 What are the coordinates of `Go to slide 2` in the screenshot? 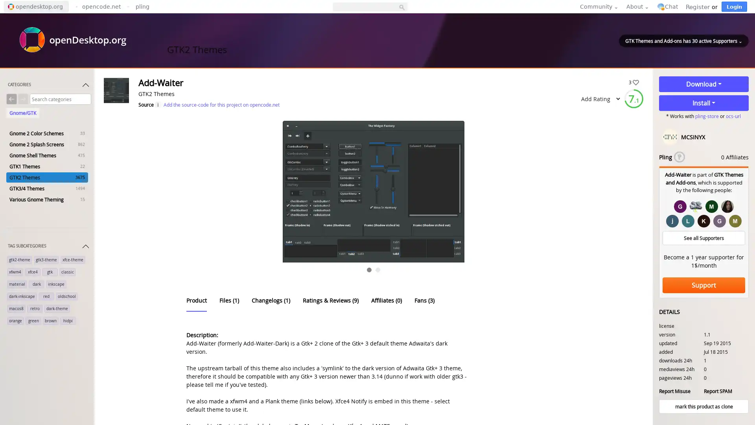 It's located at (377, 270).